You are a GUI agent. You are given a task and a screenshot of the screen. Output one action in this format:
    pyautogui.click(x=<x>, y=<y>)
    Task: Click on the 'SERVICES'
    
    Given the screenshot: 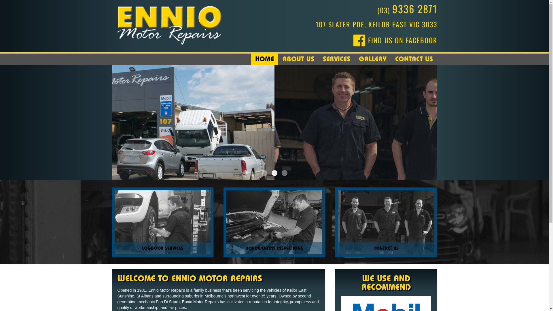 What is the action you would take?
    pyautogui.click(x=336, y=59)
    